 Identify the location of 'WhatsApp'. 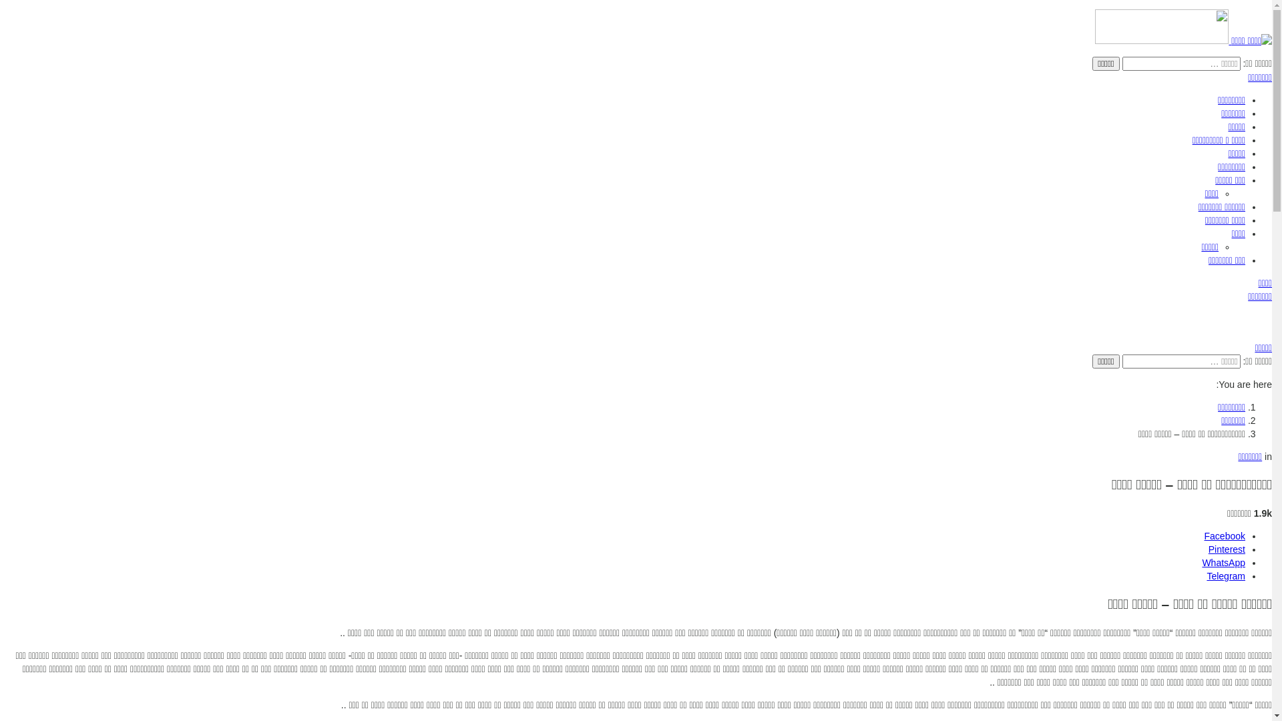
(1202, 563).